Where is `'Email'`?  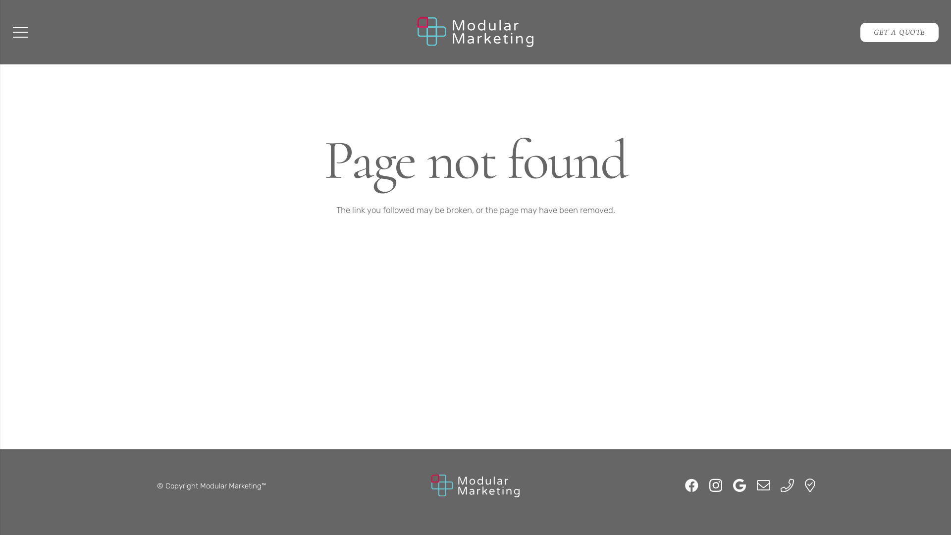 'Email' is located at coordinates (763, 484).